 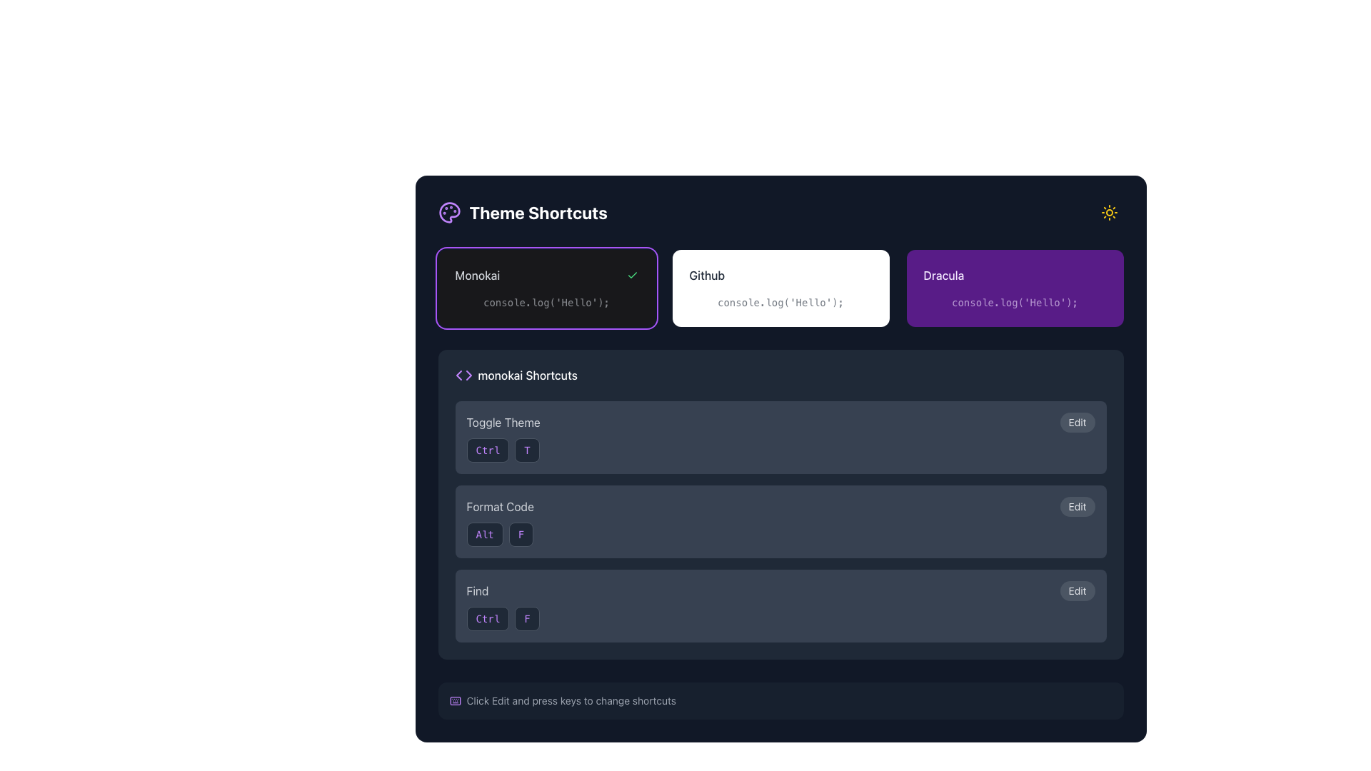 What do you see at coordinates (488, 450) in the screenshot?
I see `the rectangular button labeled 'Ctrl' with a dark gray background and purple text, located in the 'Toggle Theme' section of the 'monokai Shortcuts' panel` at bounding box center [488, 450].